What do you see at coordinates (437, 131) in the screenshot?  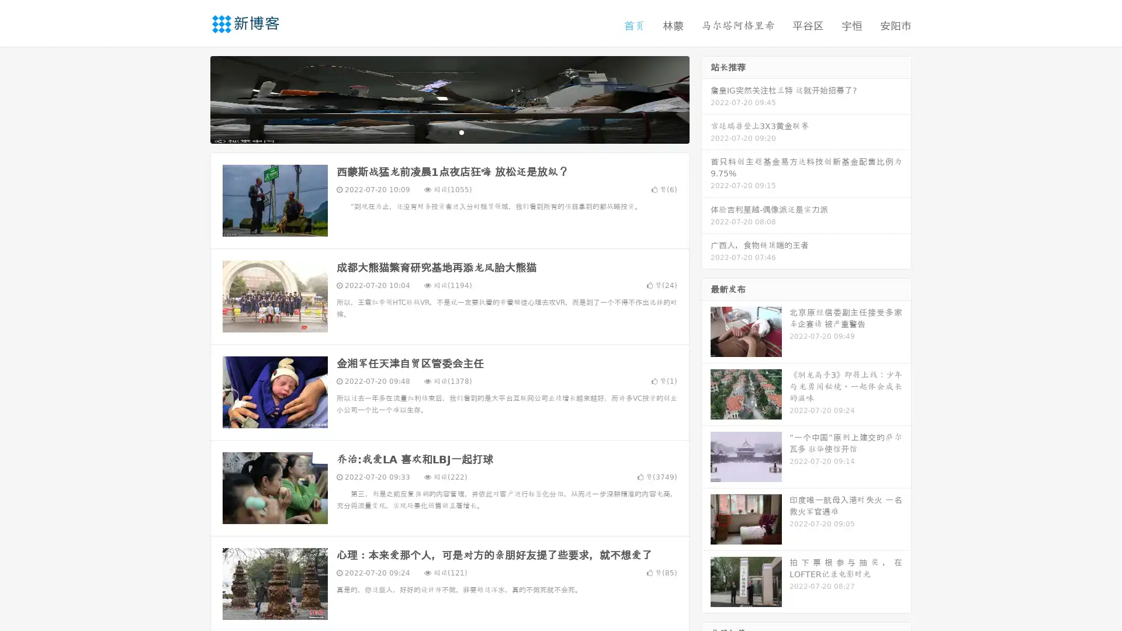 I see `Go to slide 1` at bounding box center [437, 131].